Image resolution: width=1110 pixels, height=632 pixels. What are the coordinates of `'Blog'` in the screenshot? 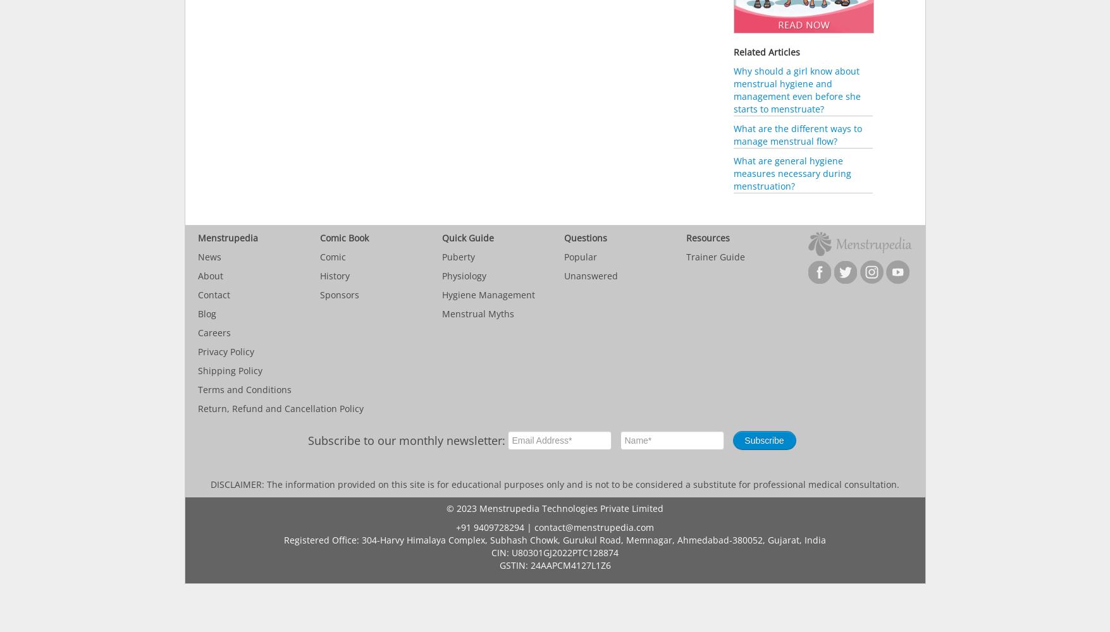 It's located at (206, 313).